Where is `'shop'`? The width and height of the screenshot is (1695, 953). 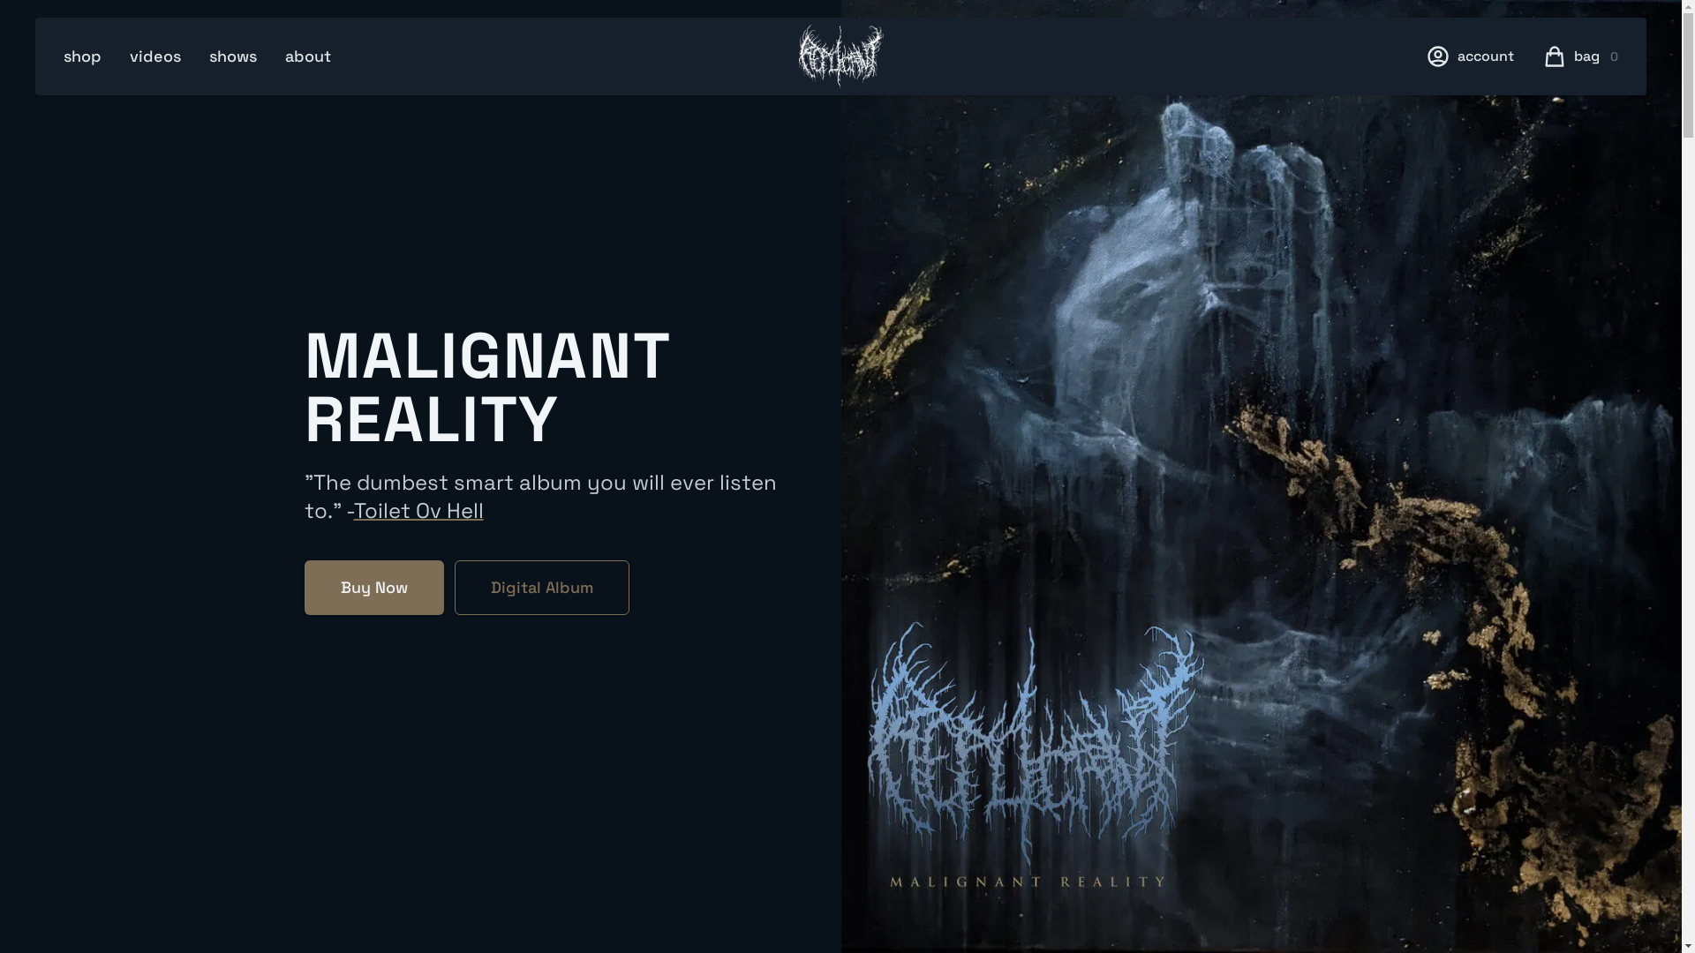
'shop' is located at coordinates (81, 56).